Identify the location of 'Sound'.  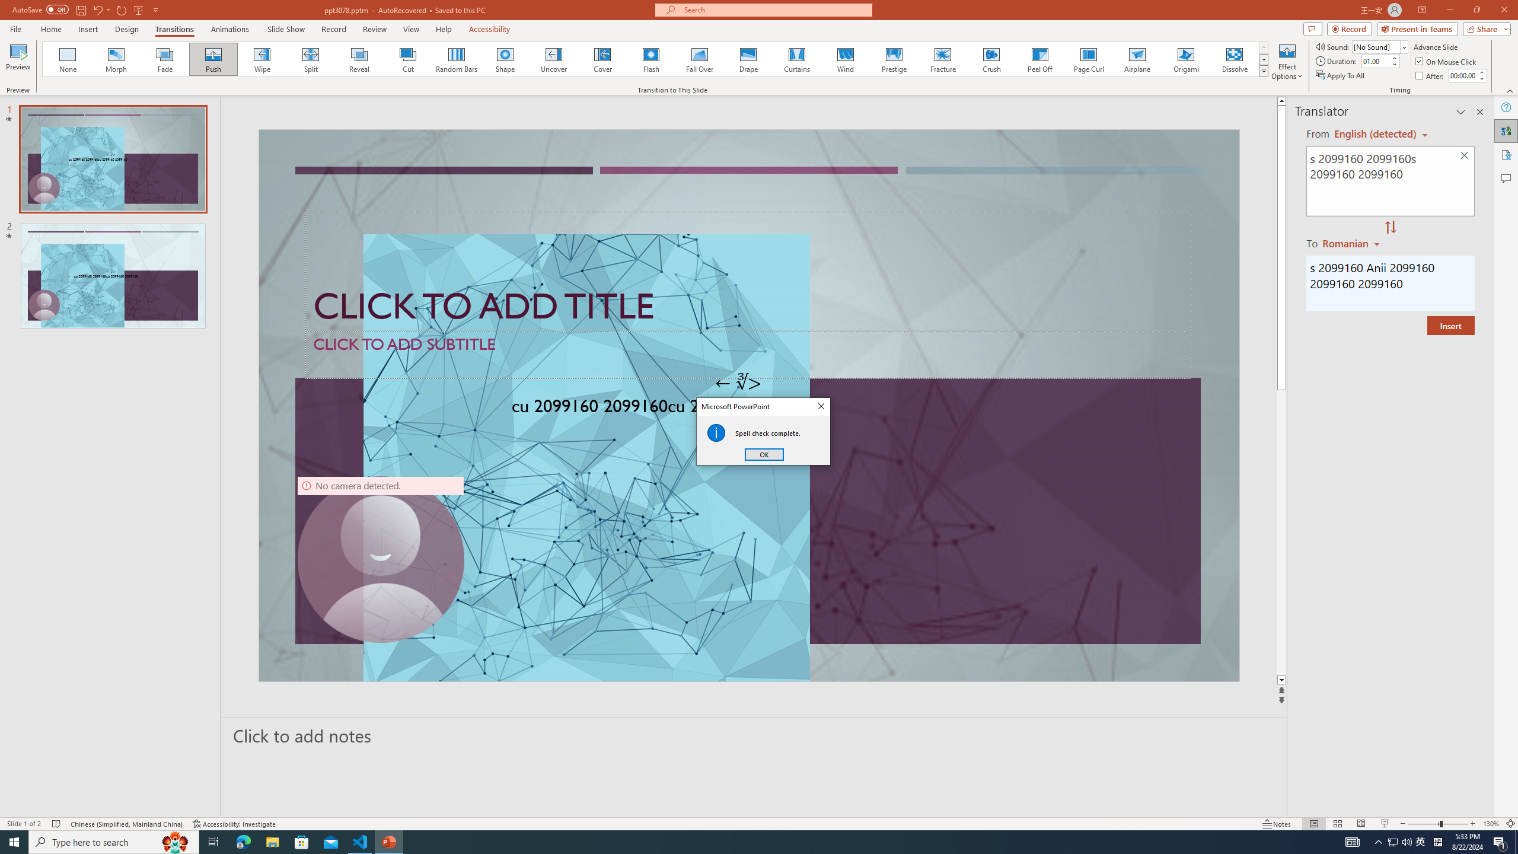
(1380, 46).